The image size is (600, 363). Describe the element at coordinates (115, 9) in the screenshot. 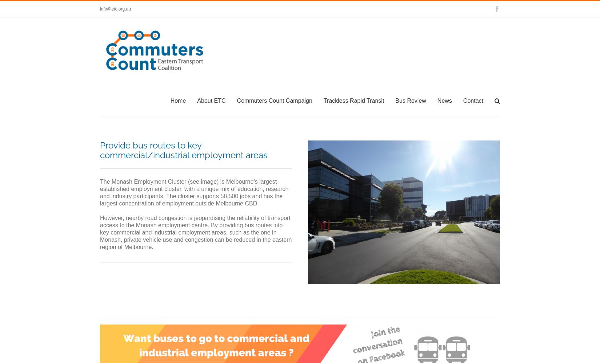

I see `'info@etc.org.au'` at that location.